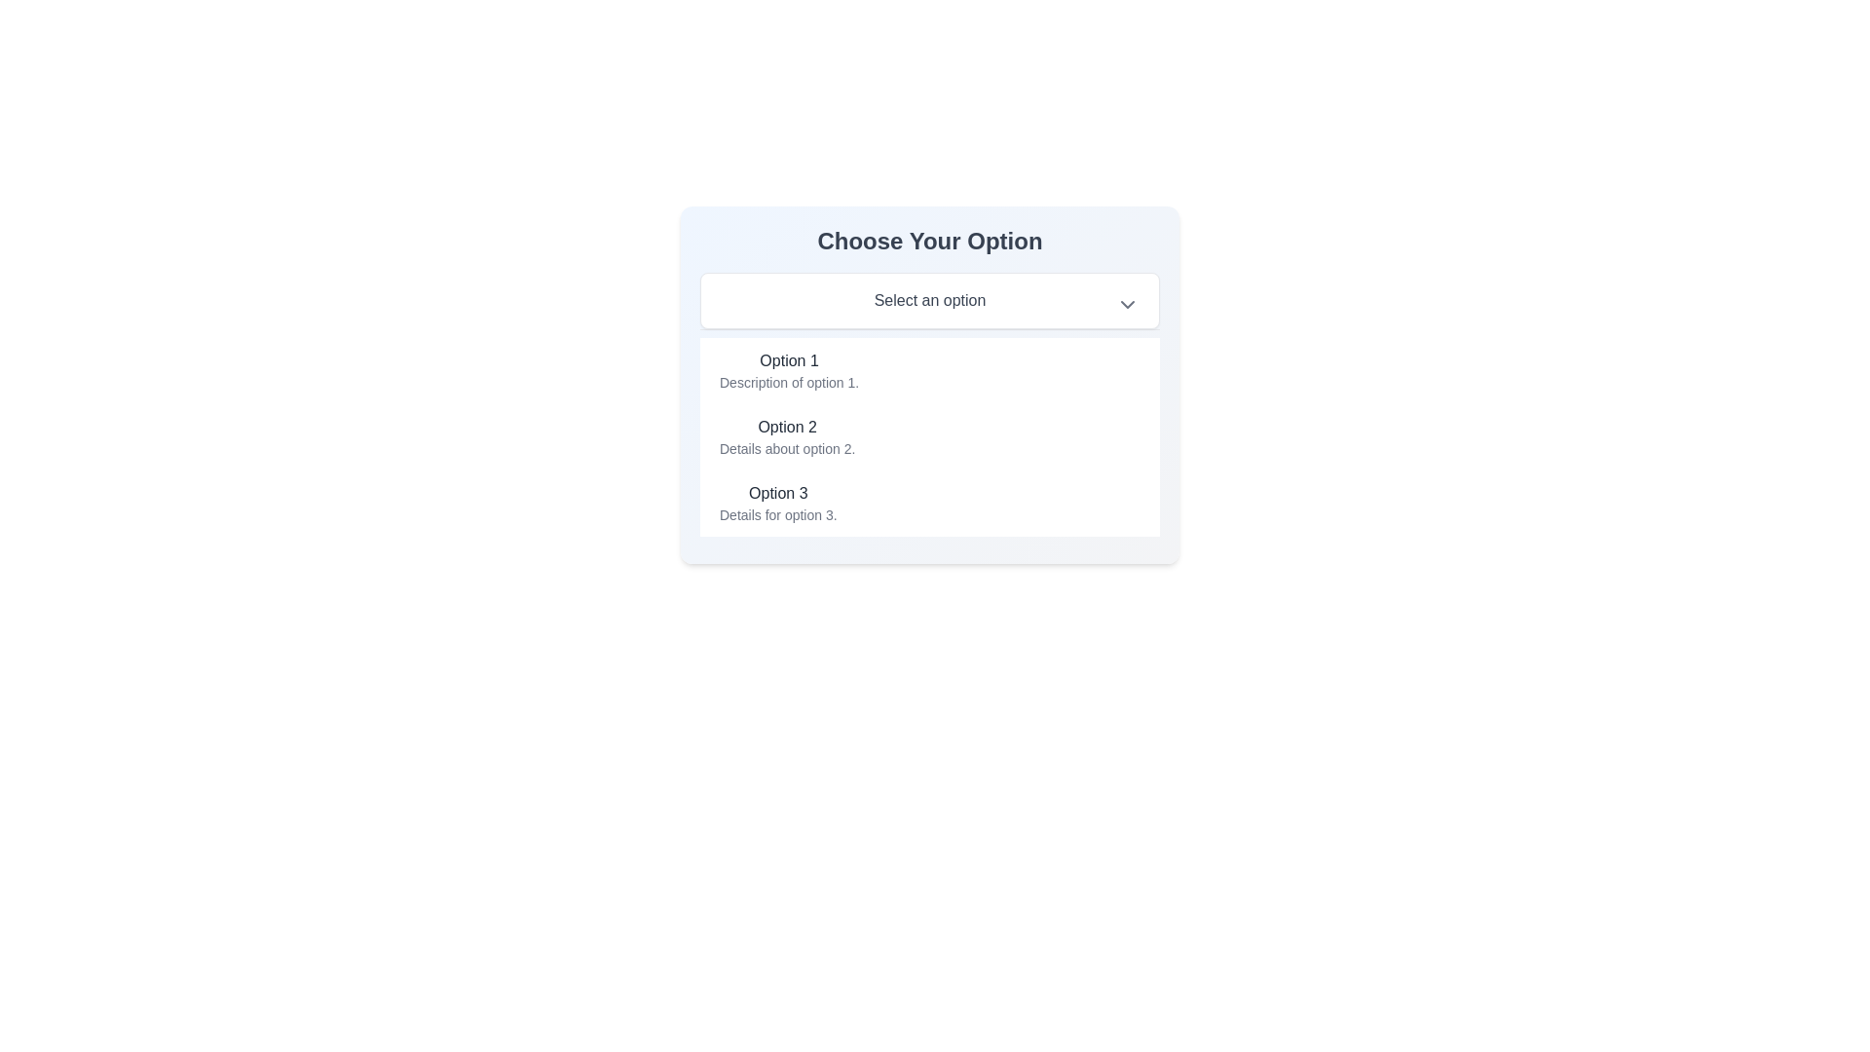  I want to click on the selectable option element titled 'Option 1', so click(929, 371).